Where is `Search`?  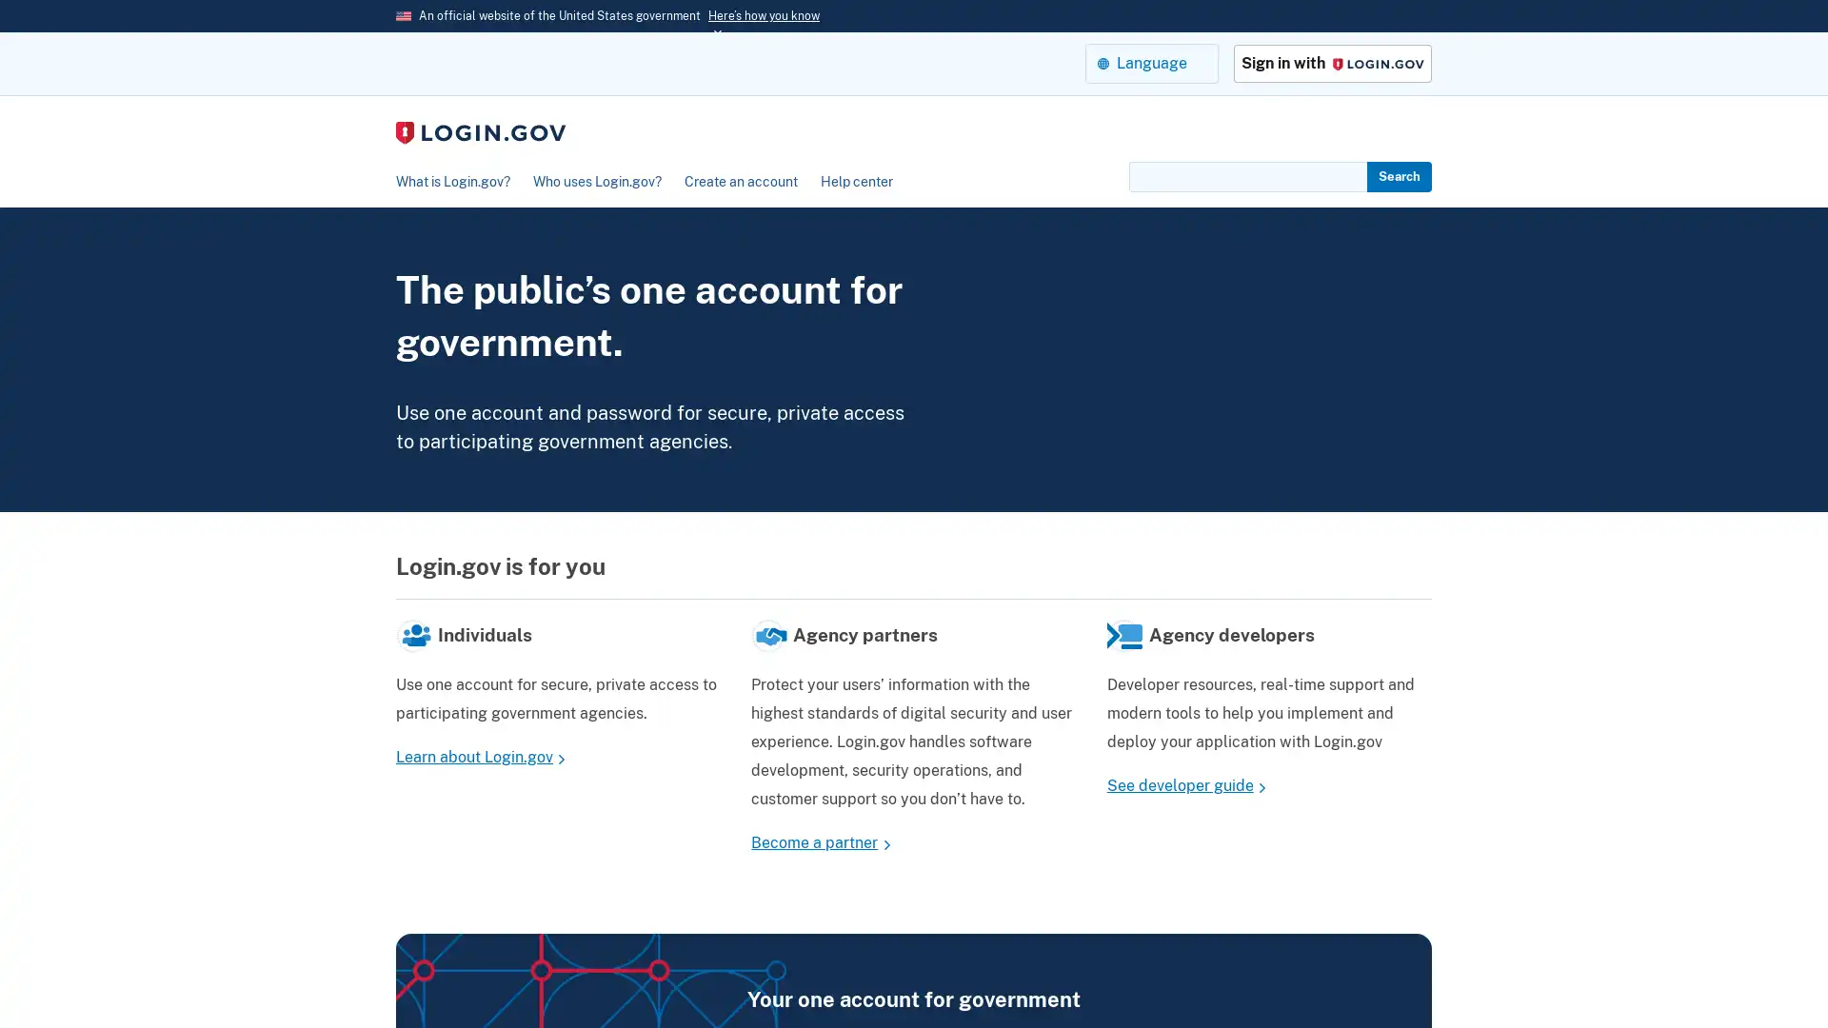 Search is located at coordinates (1399, 176).